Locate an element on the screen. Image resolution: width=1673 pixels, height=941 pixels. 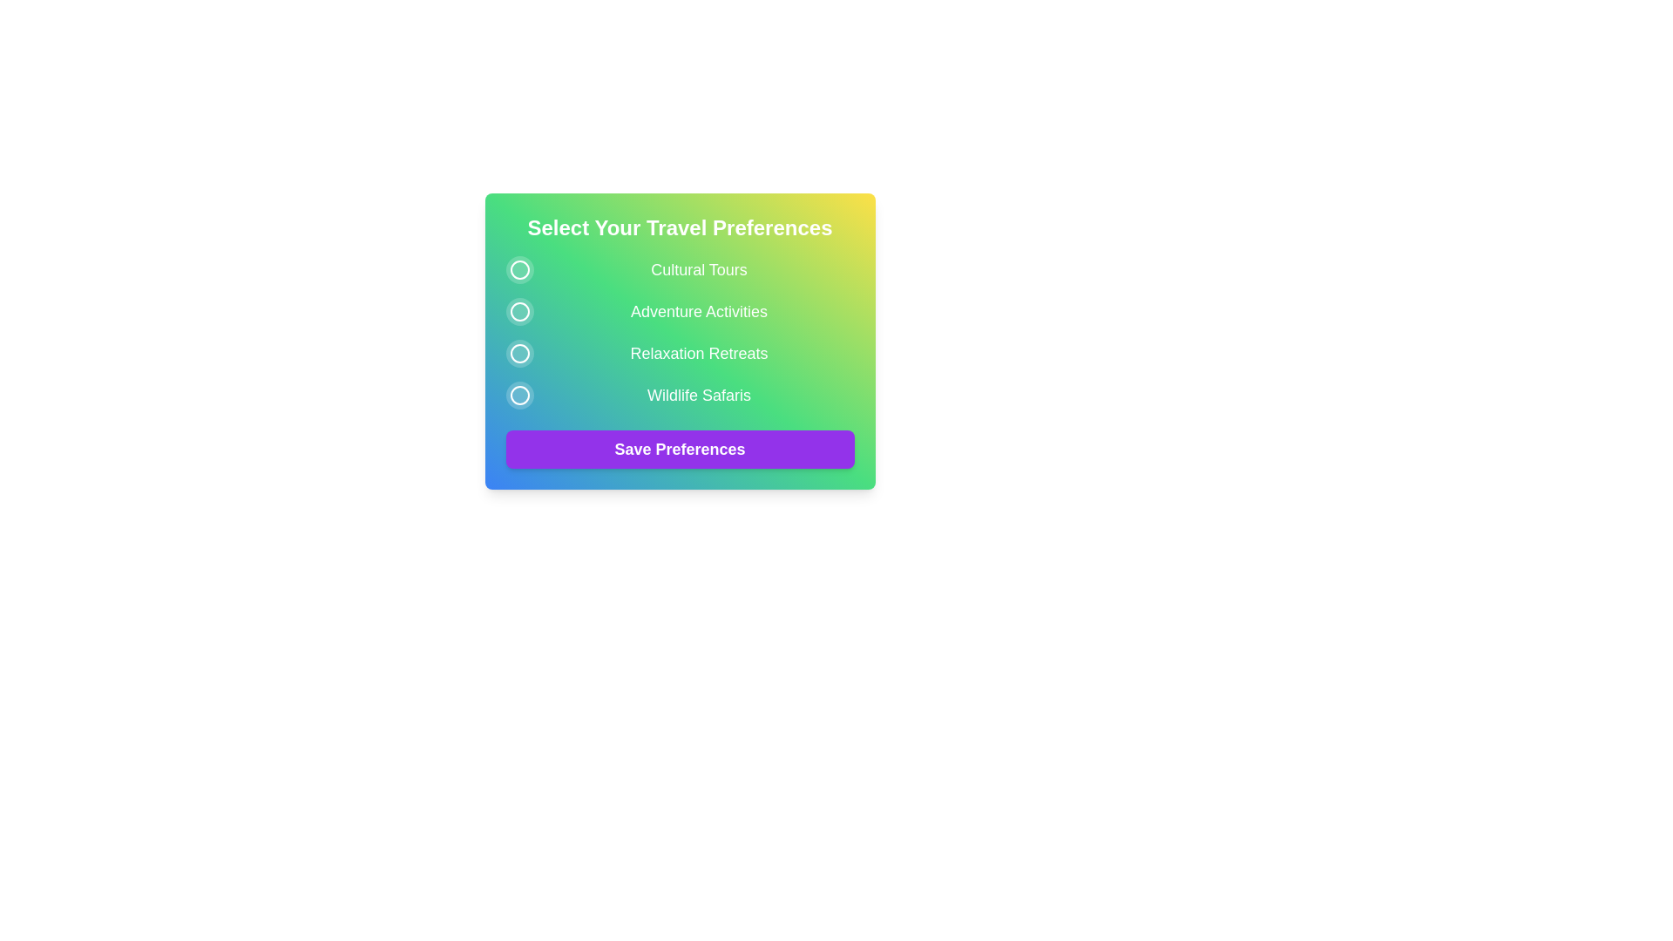
the preference button corresponding to Wildlife Safaris is located at coordinates (518, 396).